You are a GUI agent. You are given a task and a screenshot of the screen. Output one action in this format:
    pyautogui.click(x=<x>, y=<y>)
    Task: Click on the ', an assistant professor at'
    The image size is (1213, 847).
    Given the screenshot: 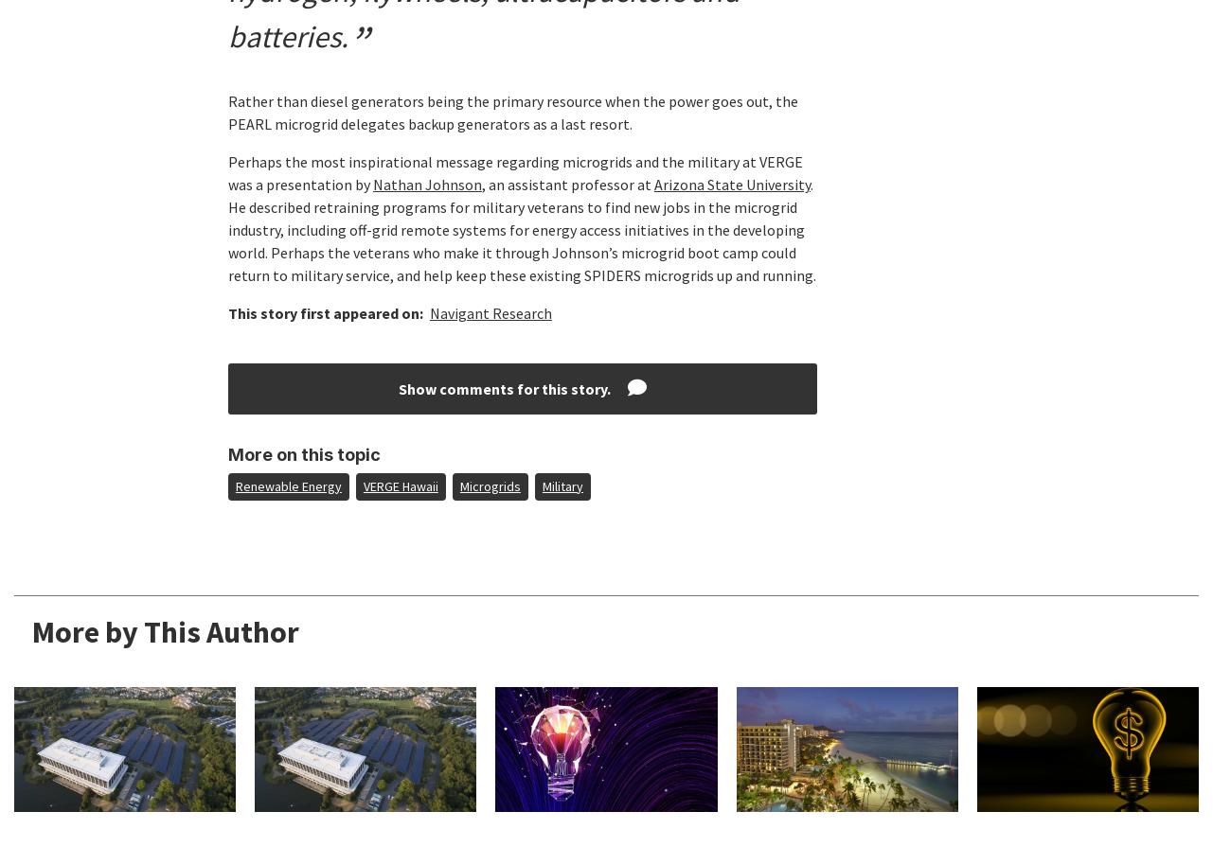 What is the action you would take?
    pyautogui.click(x=566, y=185)
    